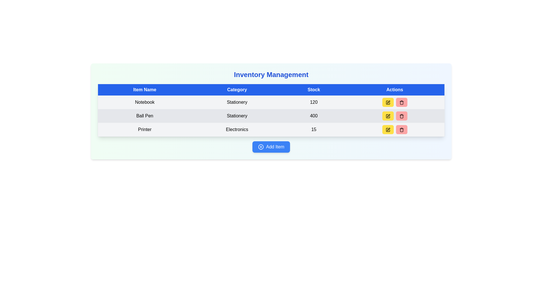  What do you see at coordinates (271, 146) in the screenshot?
I see `the blue rounded button labeled 'Add Item' with a plus icon on the left` at bounding box center [271, 146].